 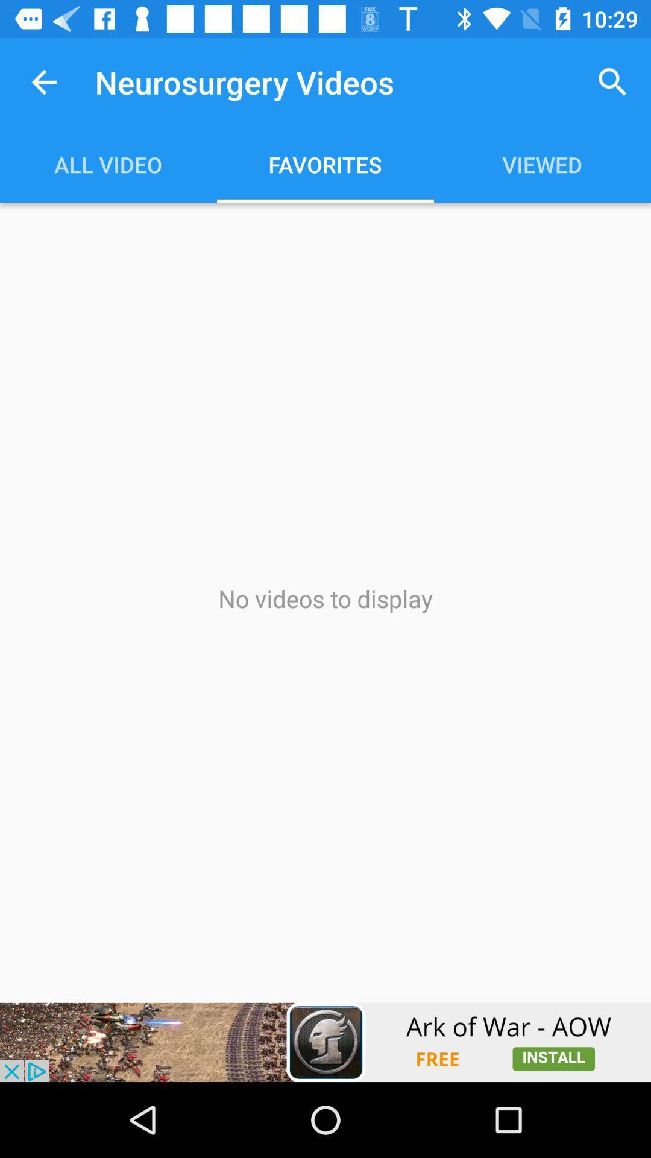 What do you see at coordinates (325, 1042) in the screenshot?
I see `try this app` at bounding box center [325, 1042].